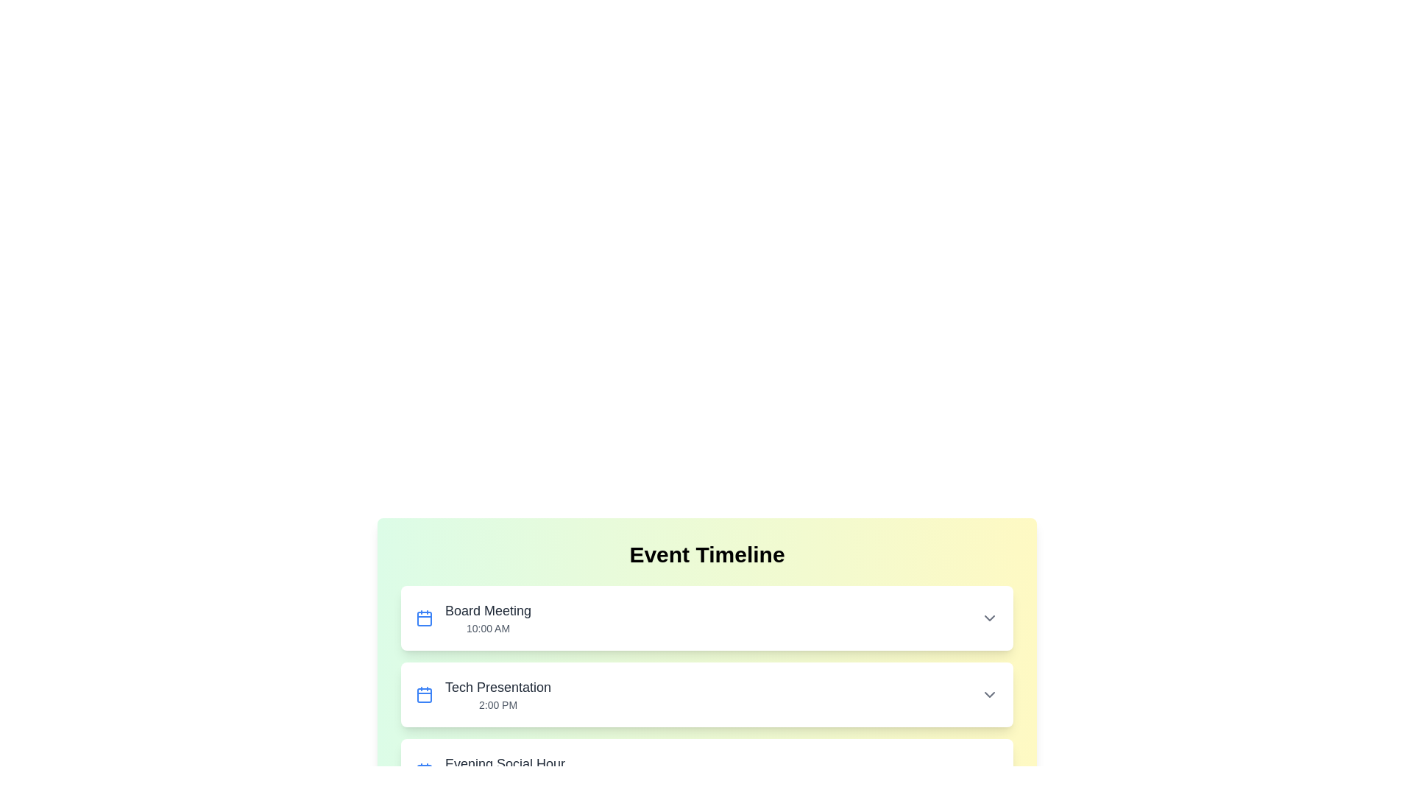 The height and width of the screenshot is (795, 1413). Describe the element at coordinates (989, 695) in the screenshot. I see `the chevron icon button located on the right side of the 'Tech Presentation 2:00 PM' panel` at that location.